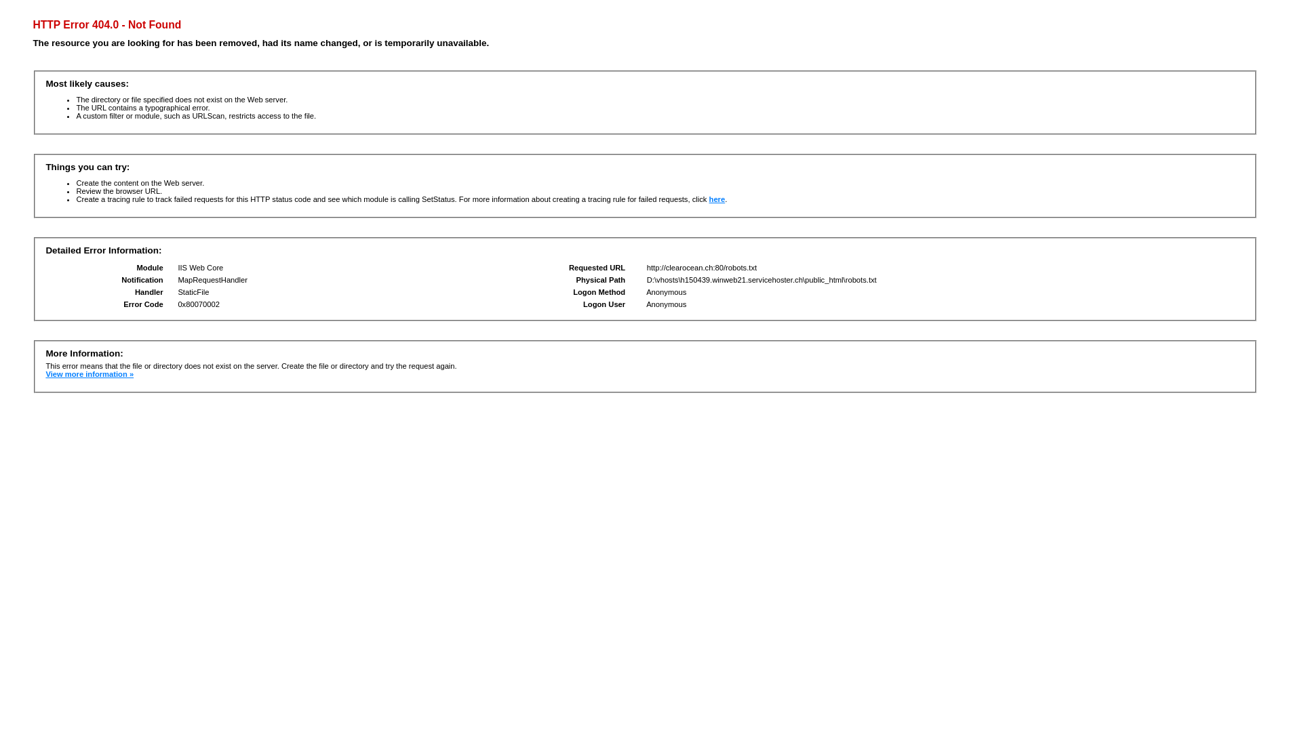  Describe the element at coordinates (709, 199) in the screenshot. I see `'here'` at that location.